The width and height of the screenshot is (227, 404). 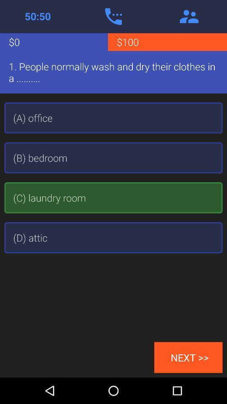 What do you see at coordinates (113, 16) in the screenshot?
I see `make practice phone call` at bounding box center [113, 16].